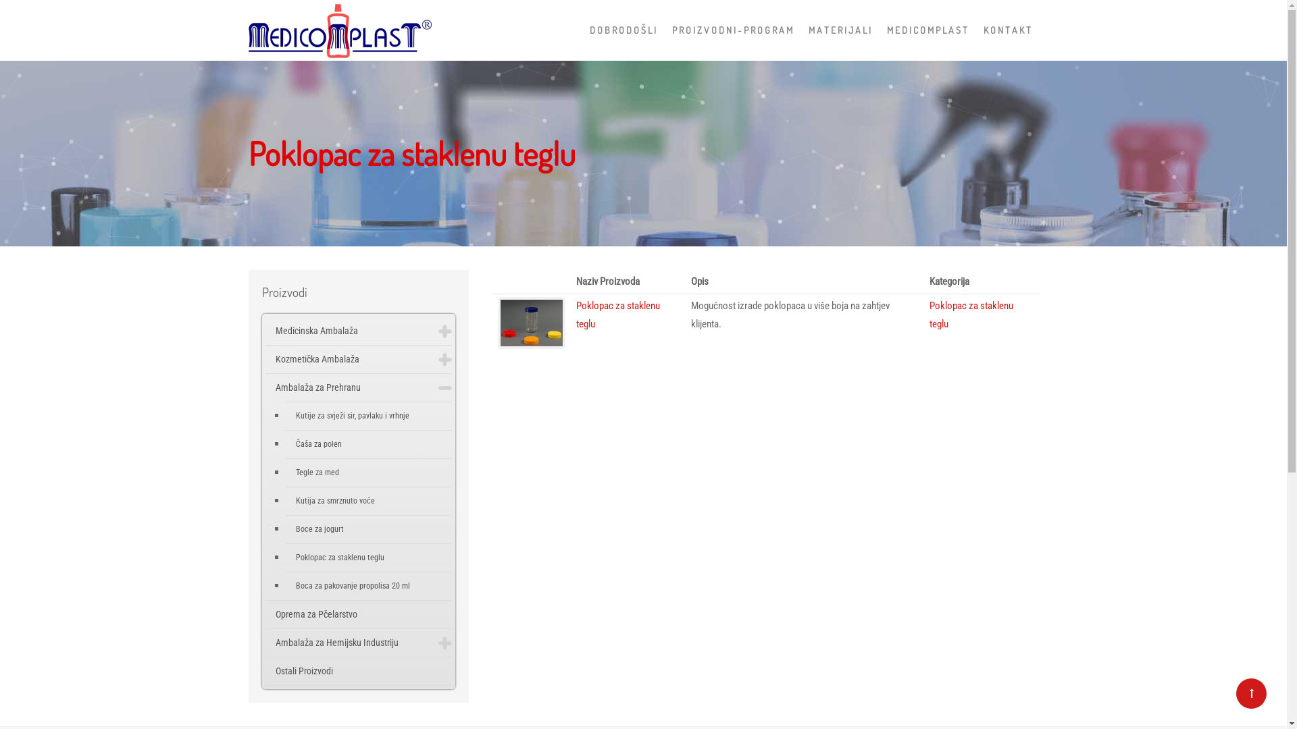  Describe the element at coordinates (838, 30) in the screenshot. I see `'M A T E R I J A L I'` at that location.